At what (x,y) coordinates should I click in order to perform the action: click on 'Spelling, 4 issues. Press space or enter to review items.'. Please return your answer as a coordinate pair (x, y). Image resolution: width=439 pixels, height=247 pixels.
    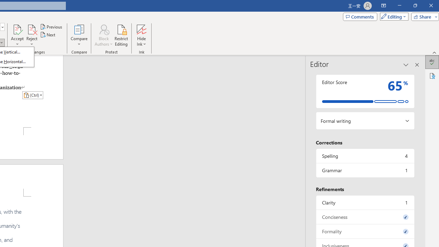
    Looking at the image, I should click on (365, 156).